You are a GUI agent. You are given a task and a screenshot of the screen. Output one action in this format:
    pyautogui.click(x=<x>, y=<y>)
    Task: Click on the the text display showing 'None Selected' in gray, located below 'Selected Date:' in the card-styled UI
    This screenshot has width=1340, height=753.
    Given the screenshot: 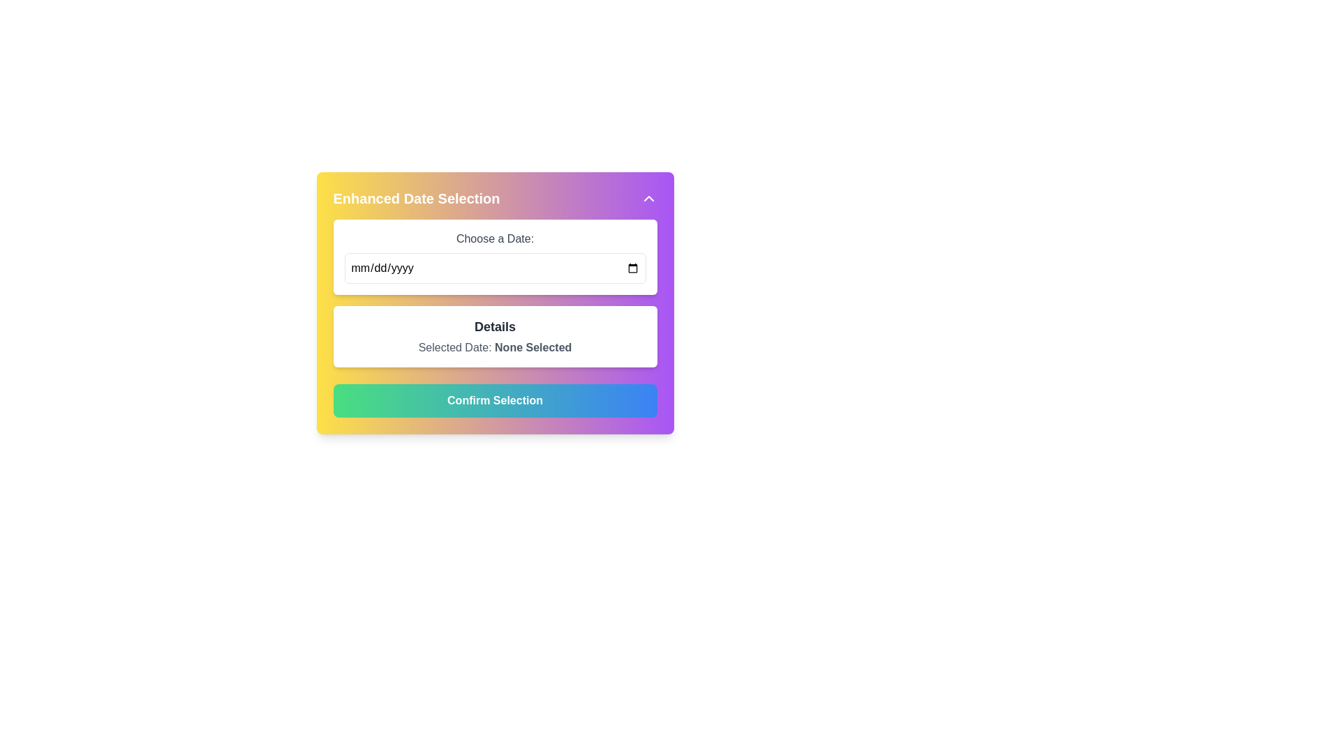 What is the action you would take?
    pyautogui.click(x=533, y=347)
    